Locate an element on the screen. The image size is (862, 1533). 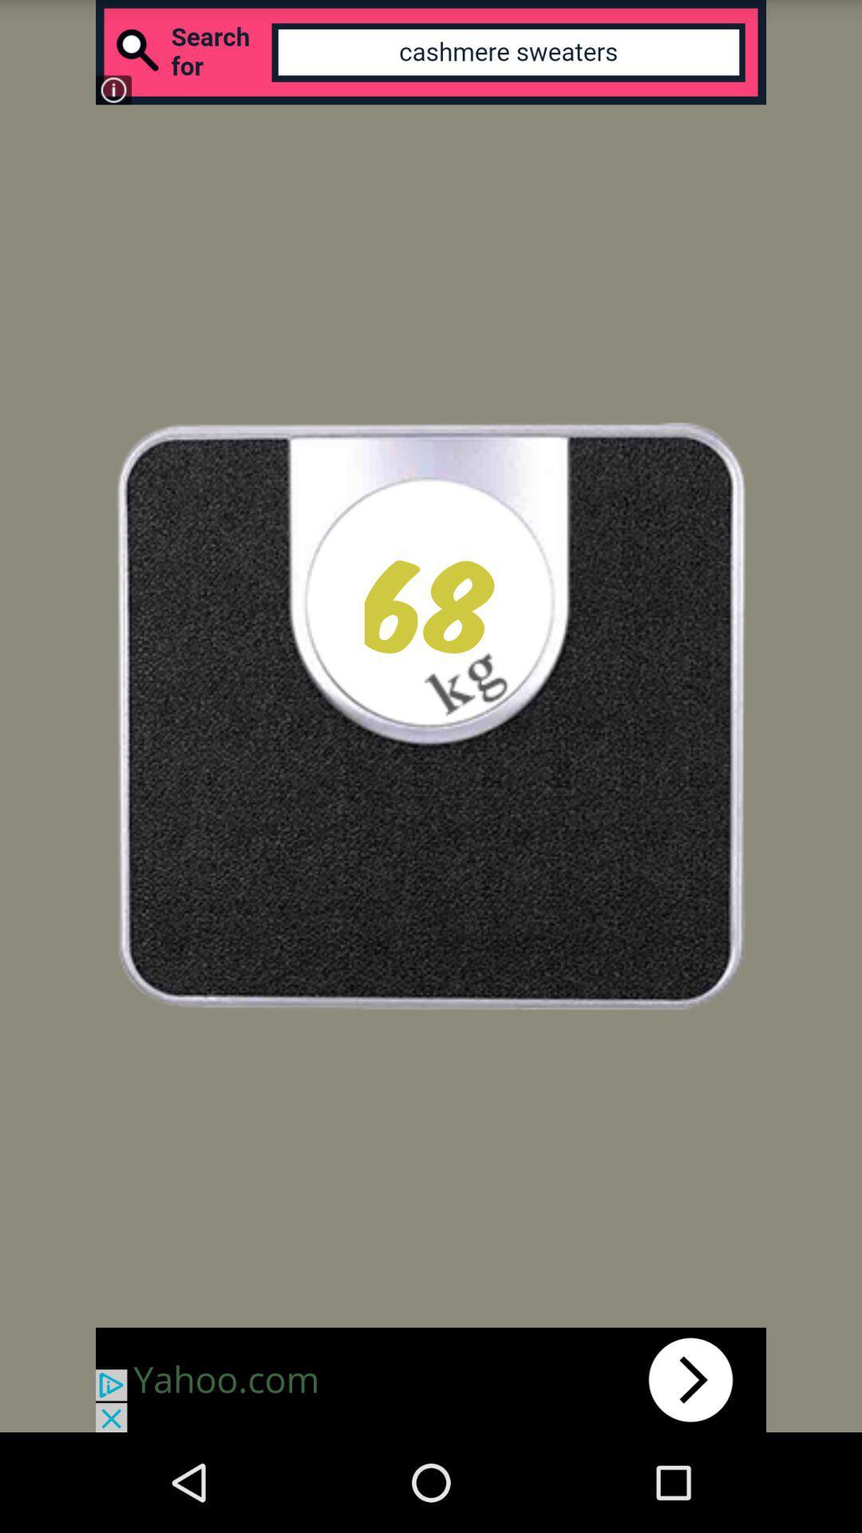
next is located at coordinates (431, 1379).